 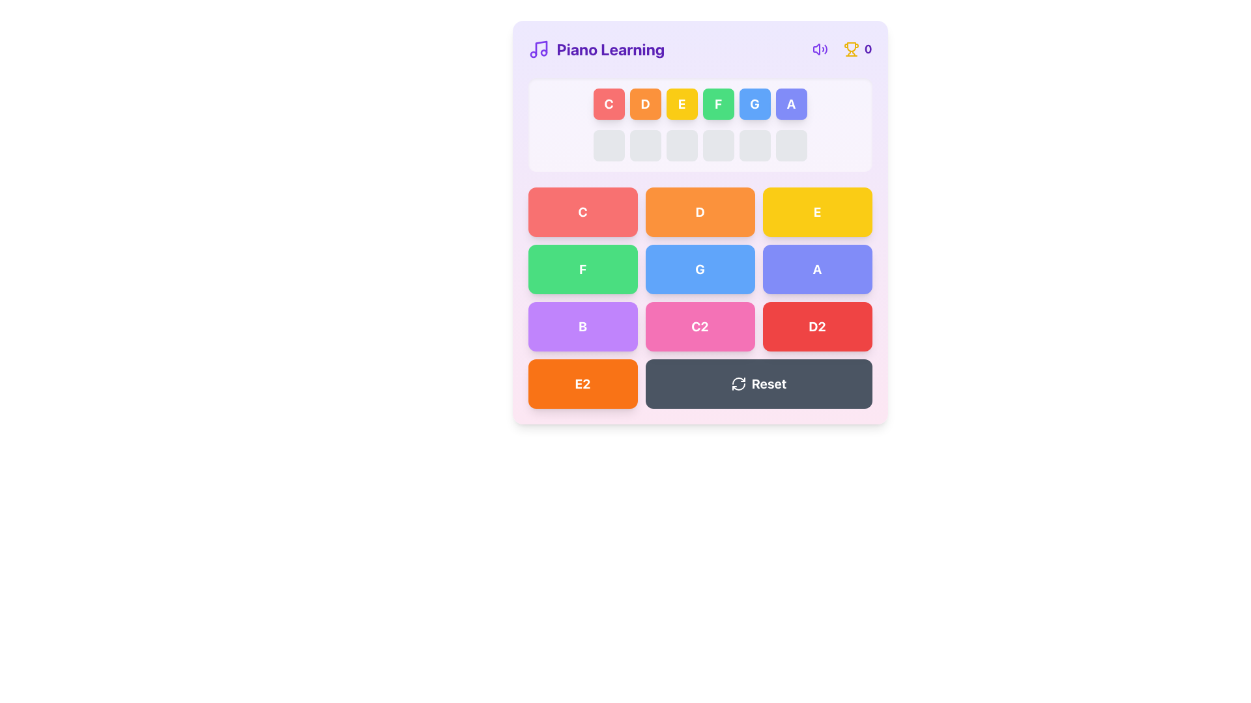 I want to click on the button representing the musical note 'G' located in the top portion of the interface, between the buttons 'F' and 'A', so click(x=755, y=103).